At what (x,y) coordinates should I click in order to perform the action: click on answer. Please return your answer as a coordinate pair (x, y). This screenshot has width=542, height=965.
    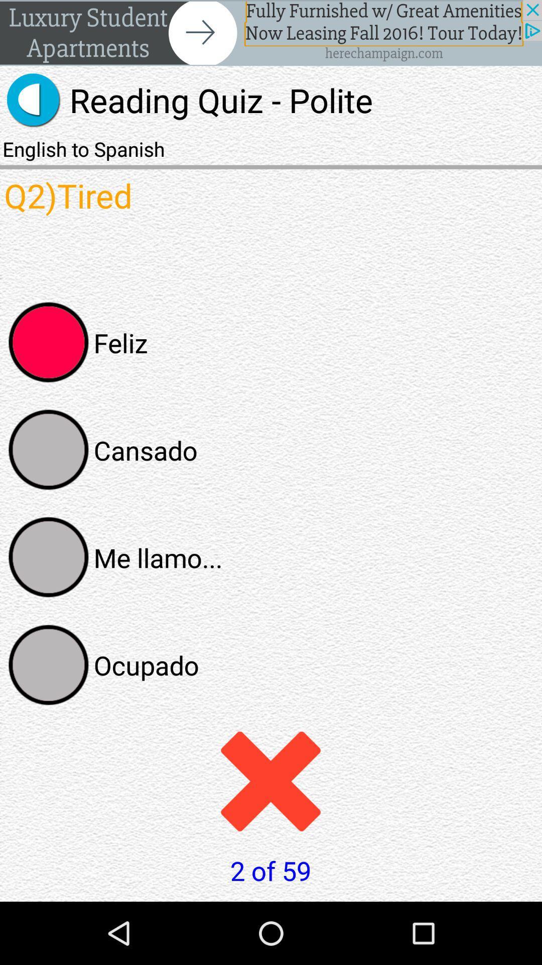
    Looking at the image, I should click on (49, 342).